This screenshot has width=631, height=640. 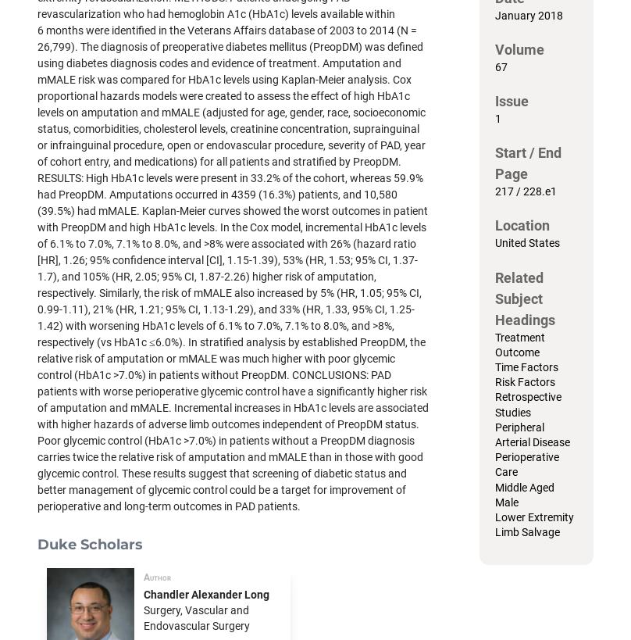 I want to click on 'Perioperative Care', so click(x=527, y=463).